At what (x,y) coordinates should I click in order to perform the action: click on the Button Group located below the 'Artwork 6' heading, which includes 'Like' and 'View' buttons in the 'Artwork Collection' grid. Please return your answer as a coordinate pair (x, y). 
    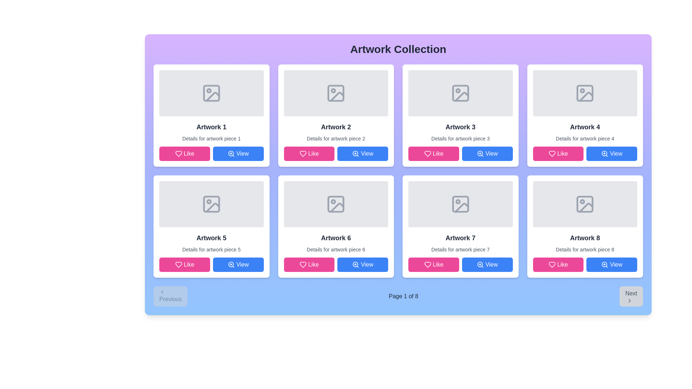
    Looking at the image, I should click on (336, 265).